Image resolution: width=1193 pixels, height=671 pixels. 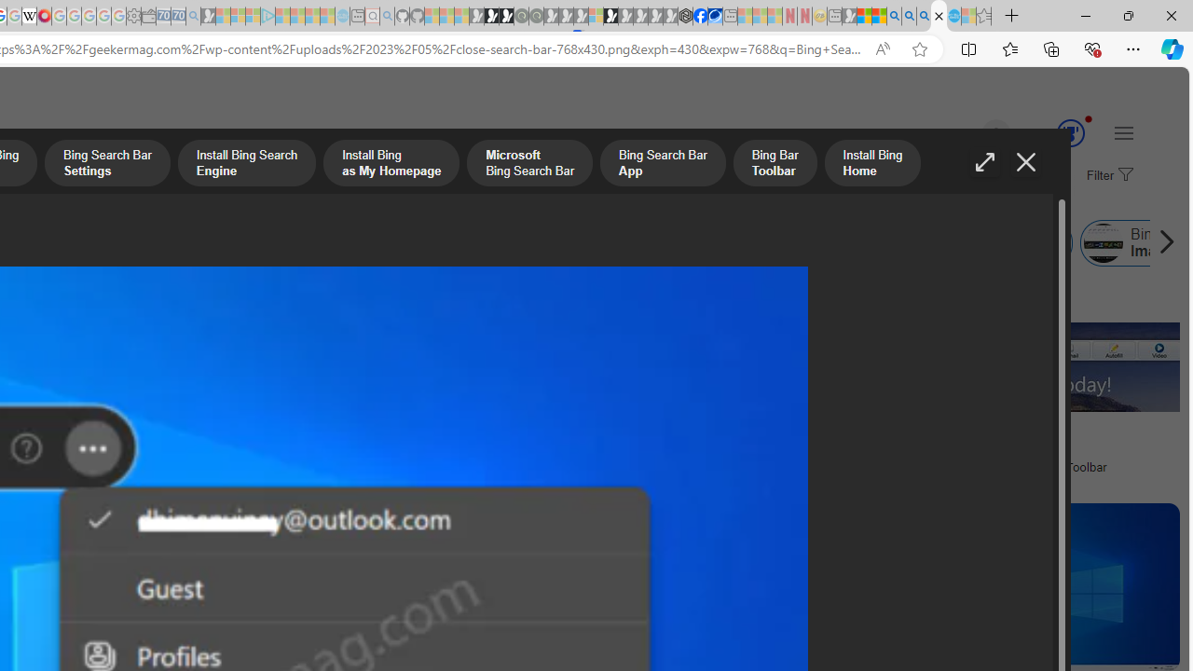 What do you see at coordinates (939, 16) in the screenshot?
I see `'Bing Search Bar Install - Search Images'` at bounding box center [939, 16].